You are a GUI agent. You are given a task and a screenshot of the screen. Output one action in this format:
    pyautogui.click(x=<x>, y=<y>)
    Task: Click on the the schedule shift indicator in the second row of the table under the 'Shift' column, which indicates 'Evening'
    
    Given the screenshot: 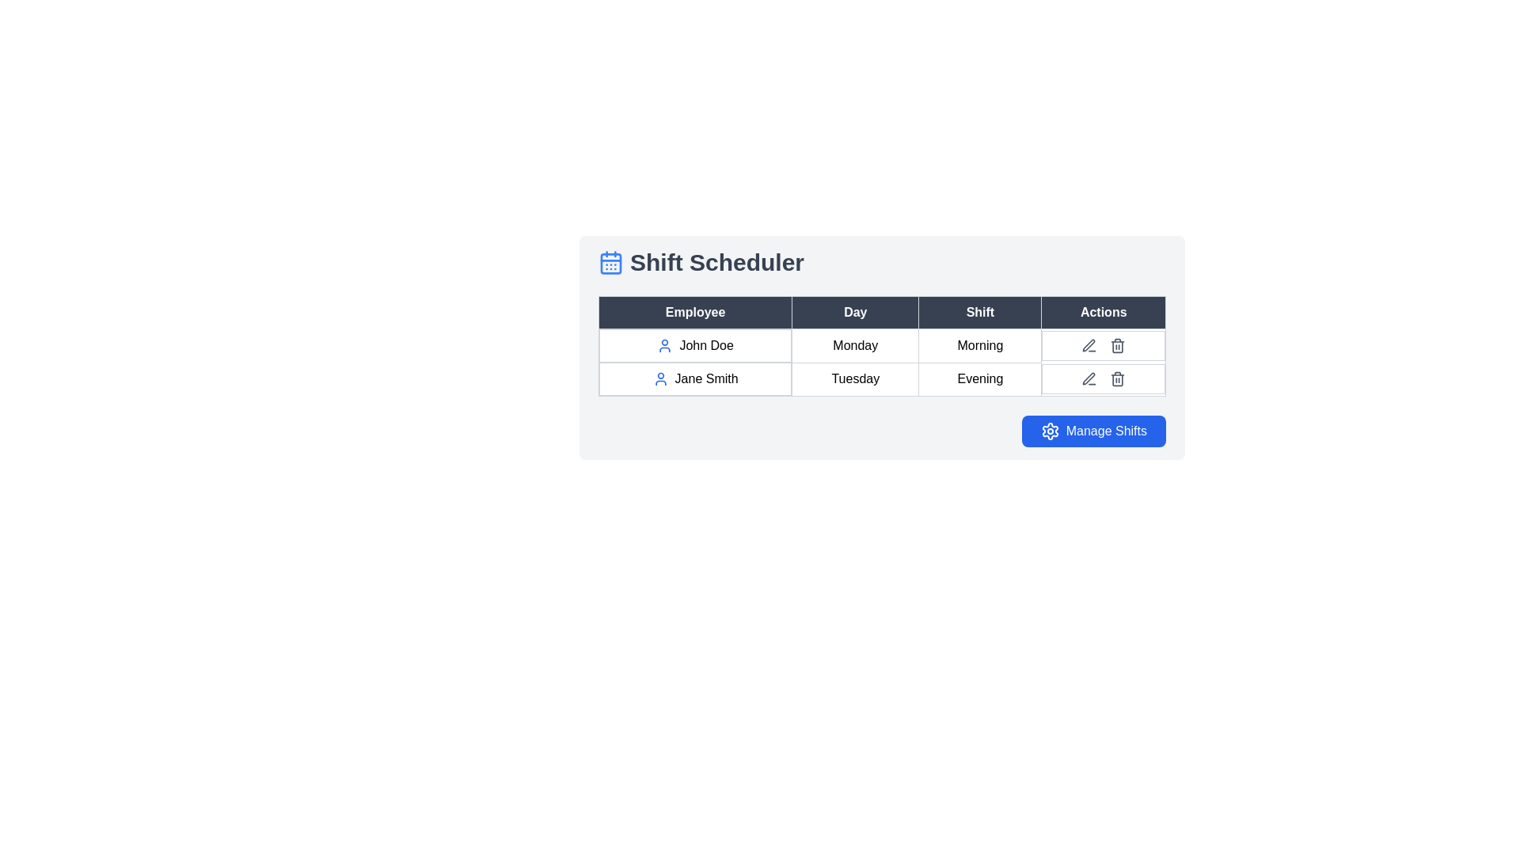 What is the action you would take?
    pyautogui.click(x=979, y=379)
    